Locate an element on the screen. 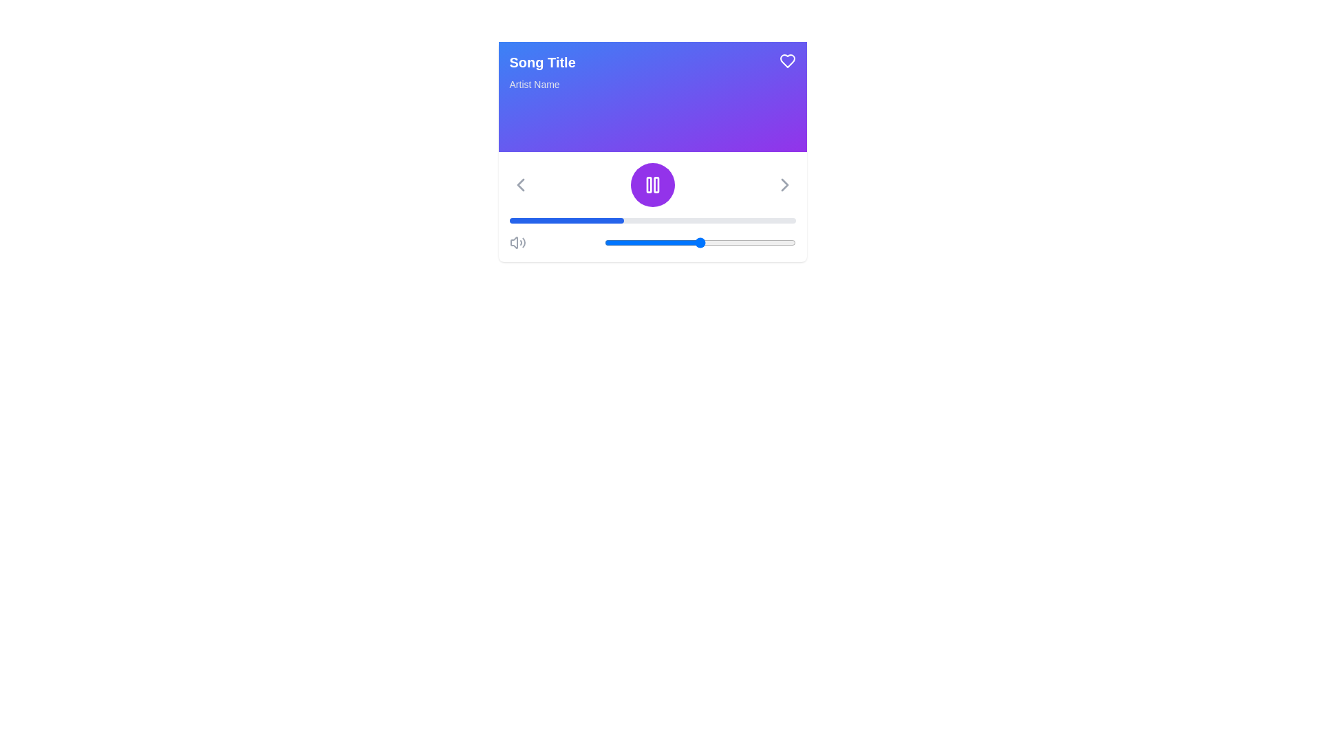 The height and width of the screenshot is (743, 1321). the circular button with a purple background and a white 'pause' icon to activate the hover styling is located at coordinates (652, 184).